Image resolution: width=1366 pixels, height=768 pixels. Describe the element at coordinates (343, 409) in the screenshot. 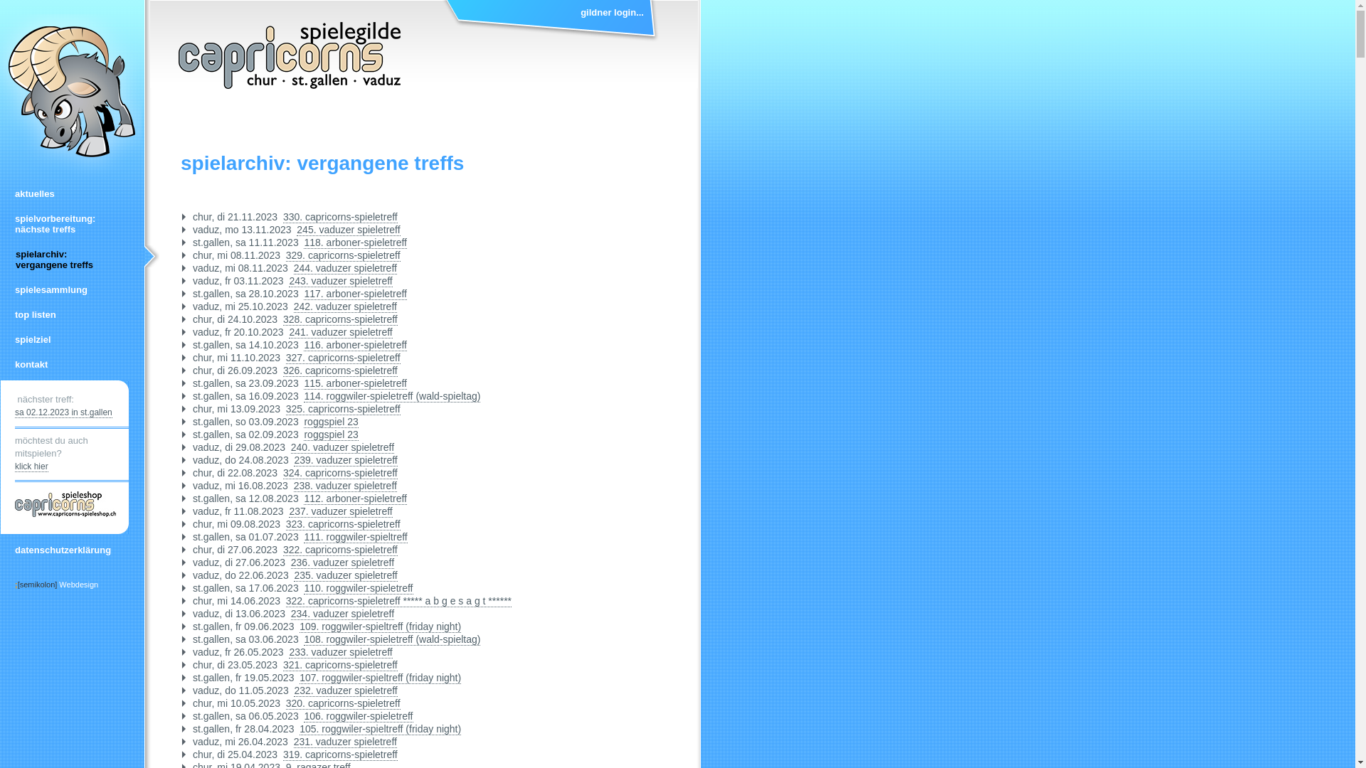

I see `'325. capricorns-spieletreff'` at that location.